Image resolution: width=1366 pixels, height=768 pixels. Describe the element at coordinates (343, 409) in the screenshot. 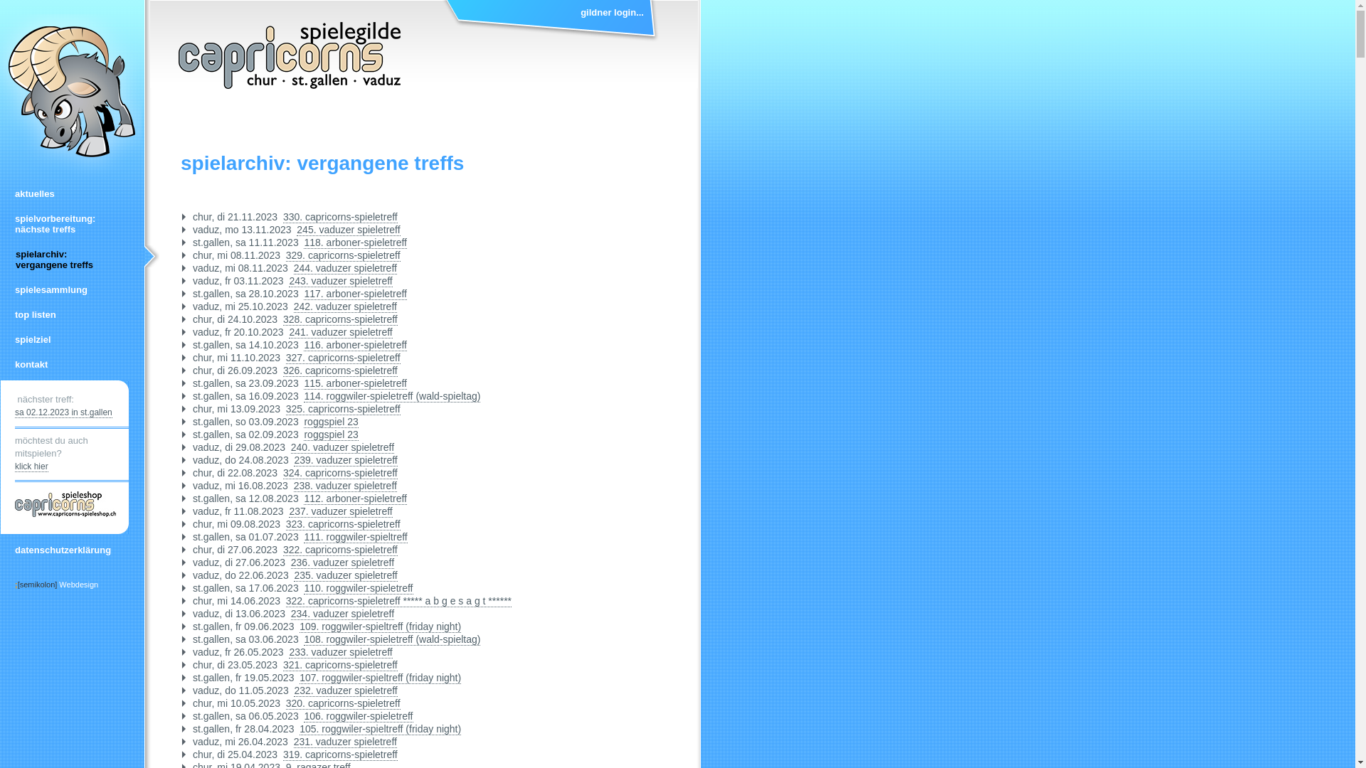

I see `'325. capricorns-spieletreff'` at that location.